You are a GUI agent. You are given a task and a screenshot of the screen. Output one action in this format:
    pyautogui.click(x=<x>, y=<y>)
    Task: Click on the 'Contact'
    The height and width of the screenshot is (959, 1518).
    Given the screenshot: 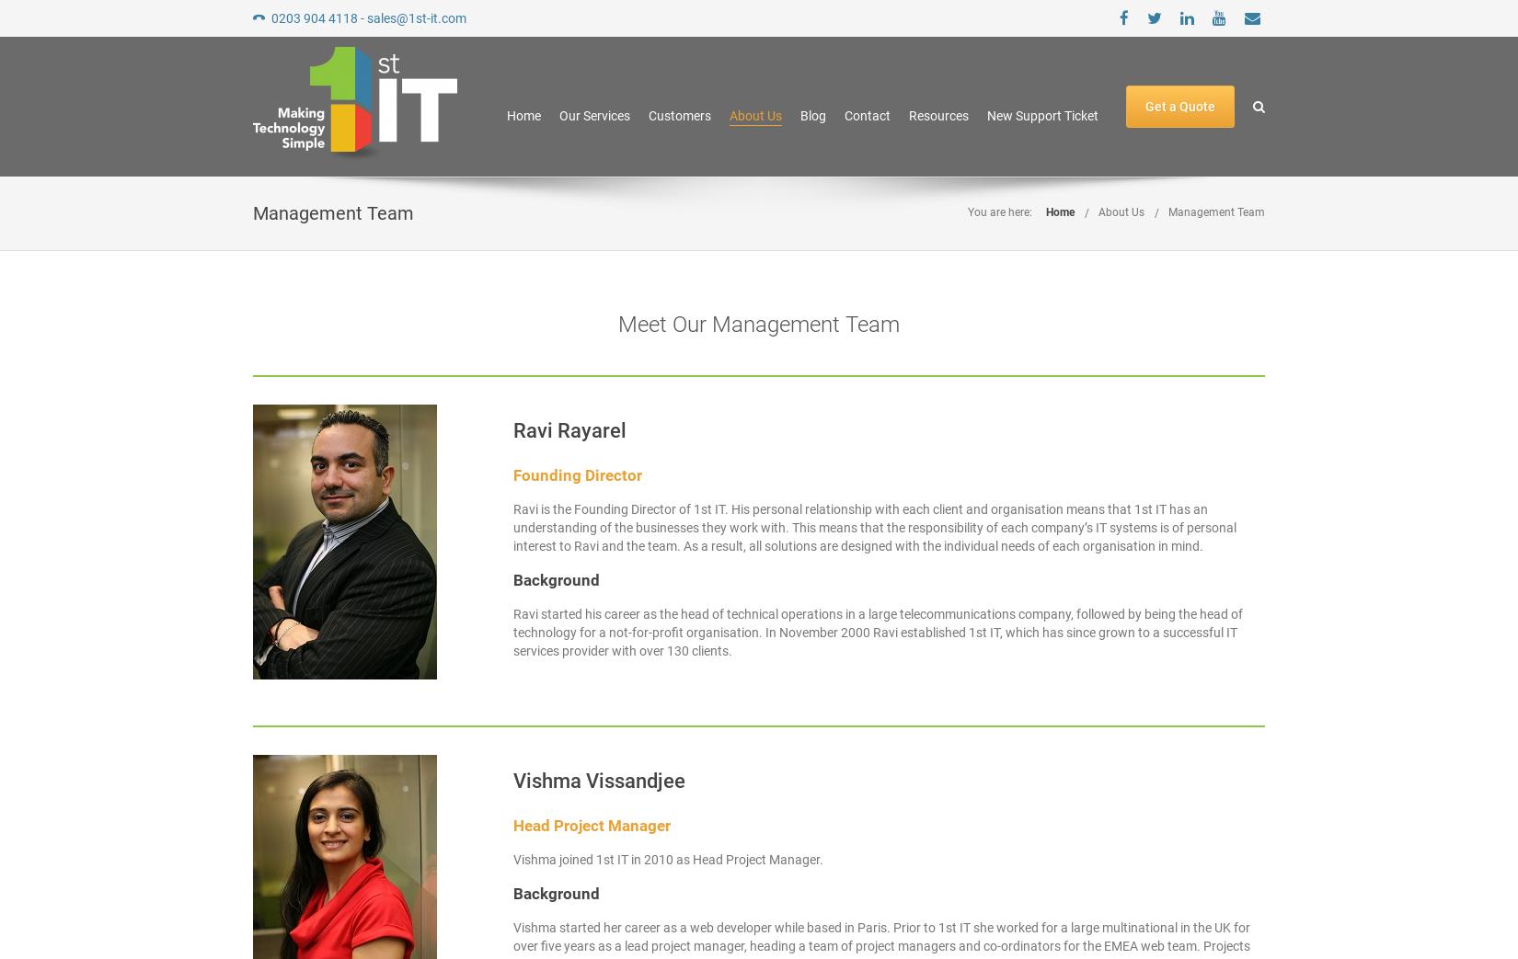 What is the action you would take?
    pyautogui.click(x=867, y=115)
    